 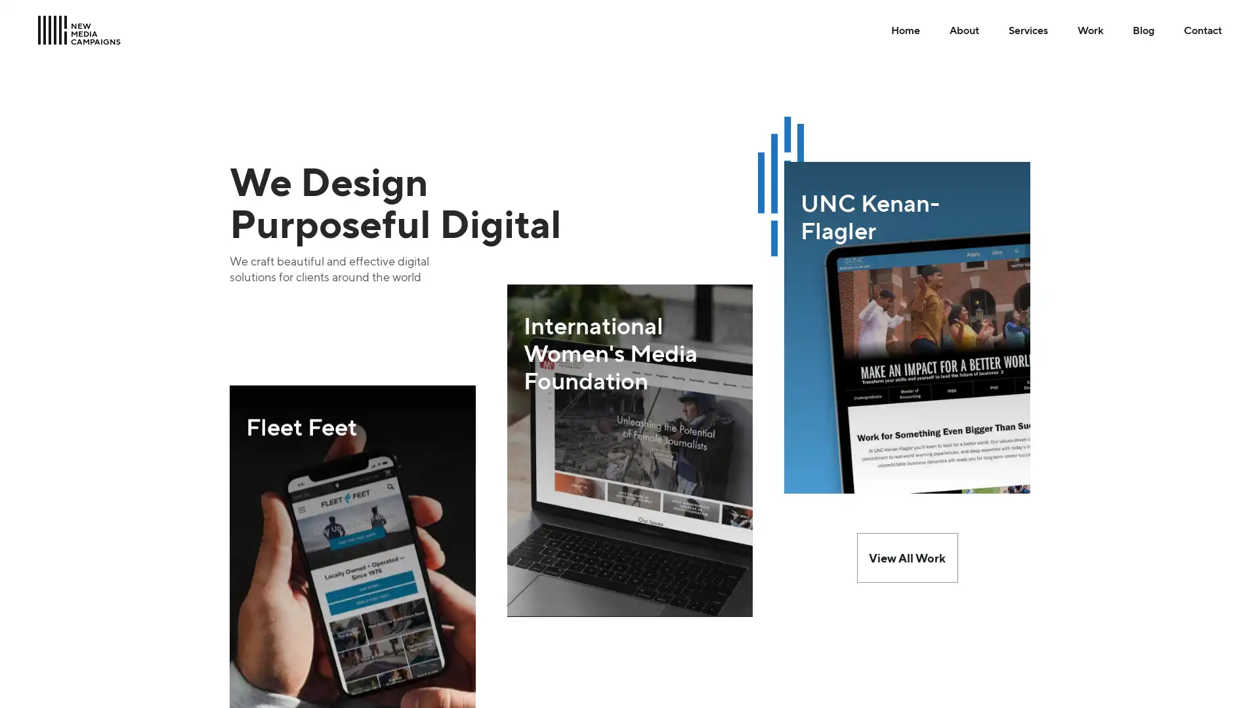 I want to click on Skip to Main Content, so click(x=13, y=13).